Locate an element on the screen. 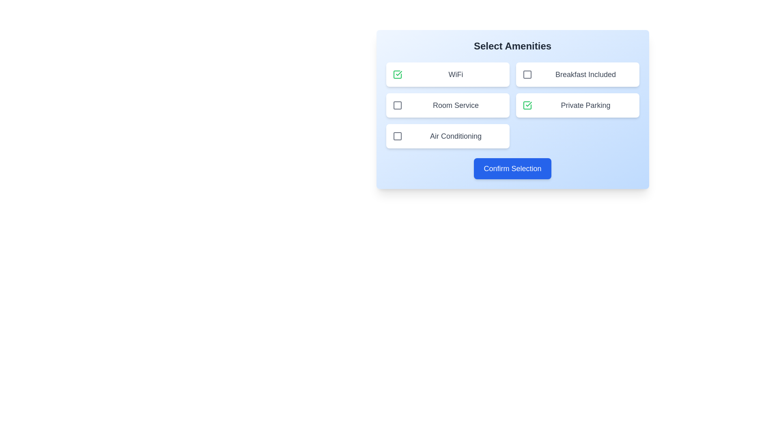 Image resolution: width=779 pixels, height=438 pixels. the checkbox labeled 'Breakfast Included' is located at coordinates (577, 75).